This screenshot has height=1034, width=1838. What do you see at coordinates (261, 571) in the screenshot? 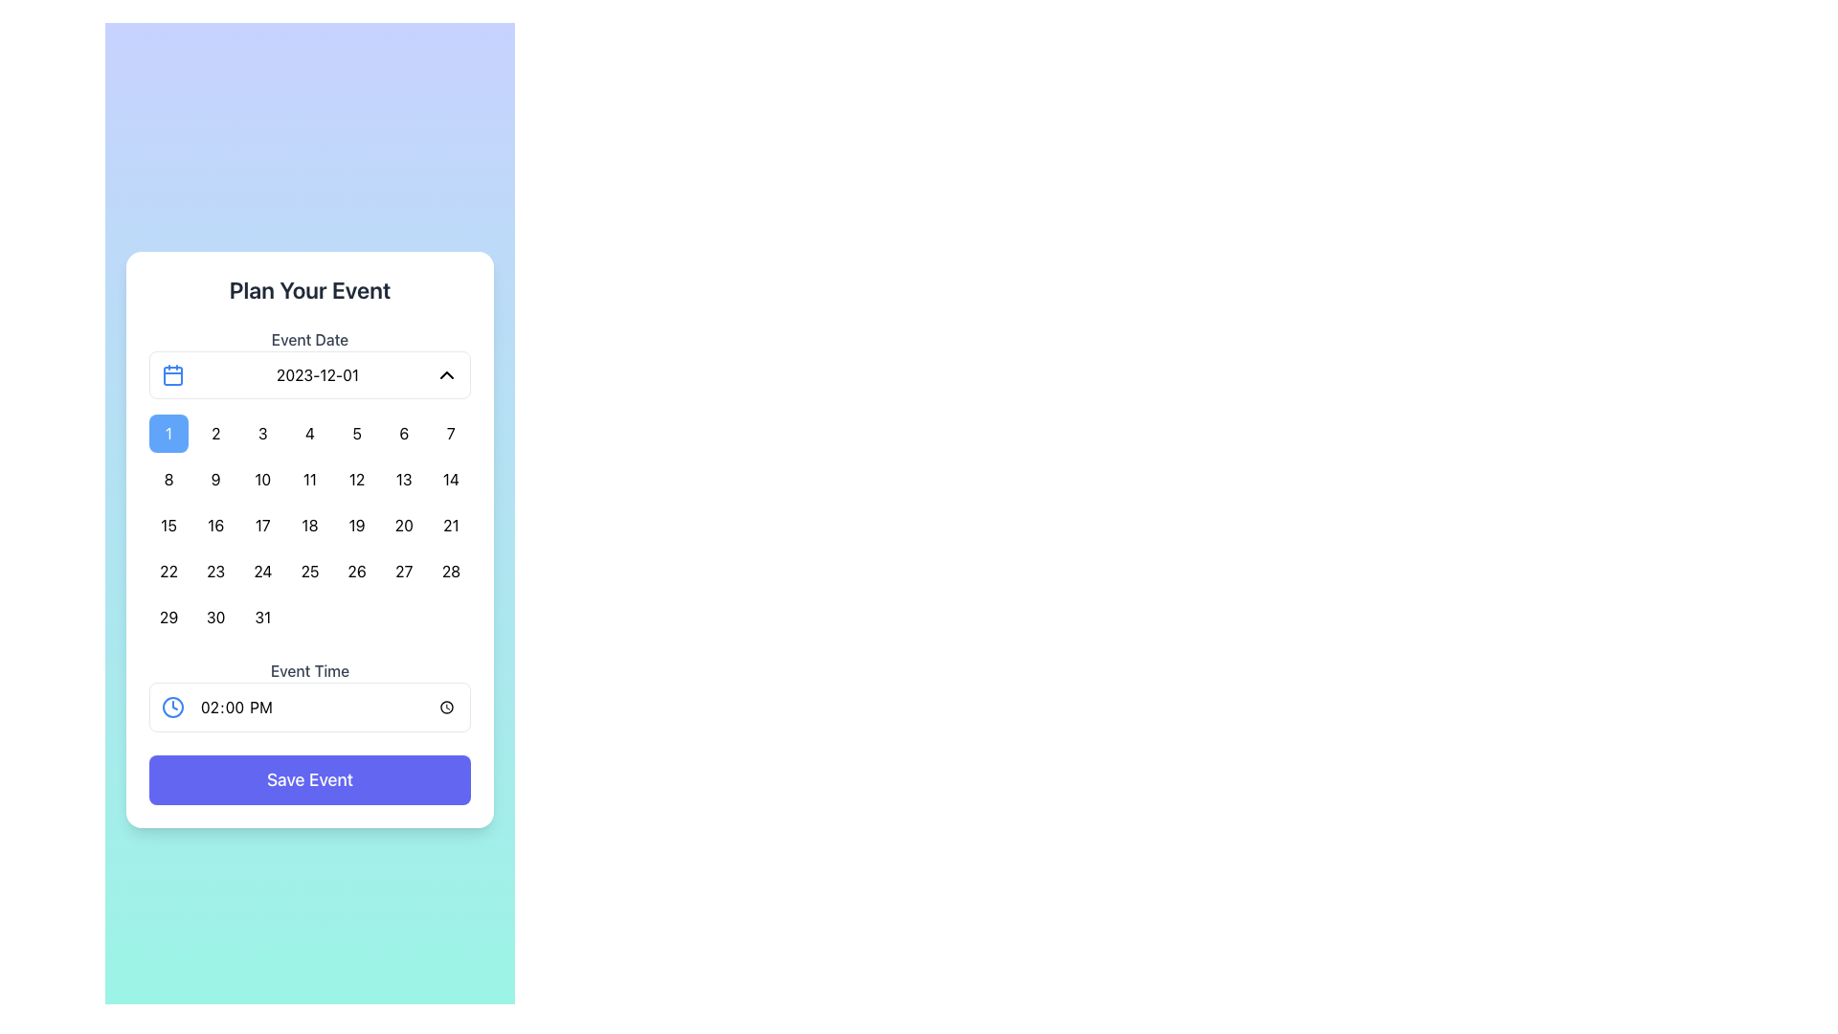
I see `the button displaying the number '24' in the 22nd row and 3rd column of the calendar grid` at bounding box center [261, 571].